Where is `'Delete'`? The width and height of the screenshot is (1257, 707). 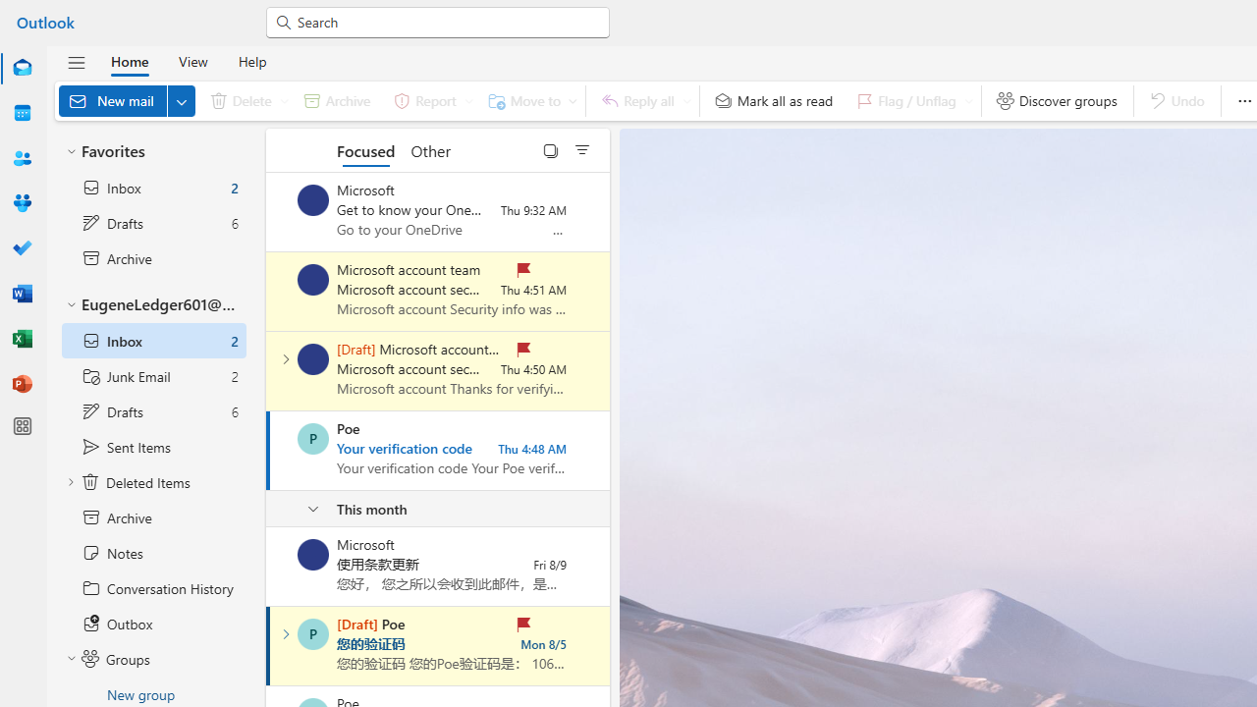 'Delete' is located at coordinates (245, 100).